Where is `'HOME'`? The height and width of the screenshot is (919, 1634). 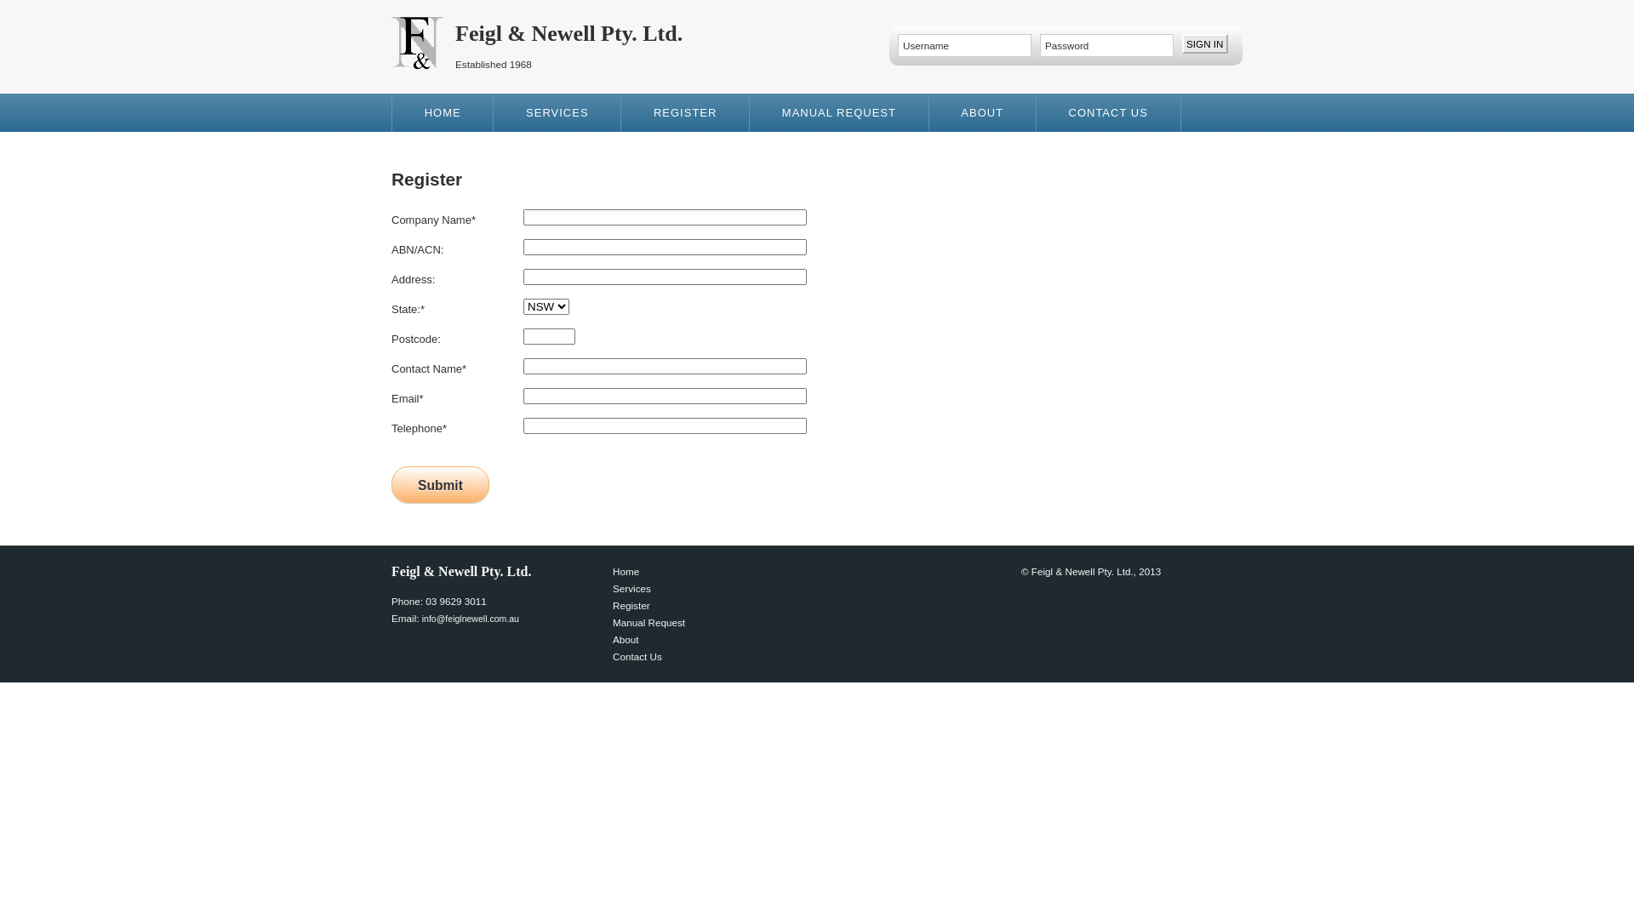 'HOME' is located at coordinates (443, 111).